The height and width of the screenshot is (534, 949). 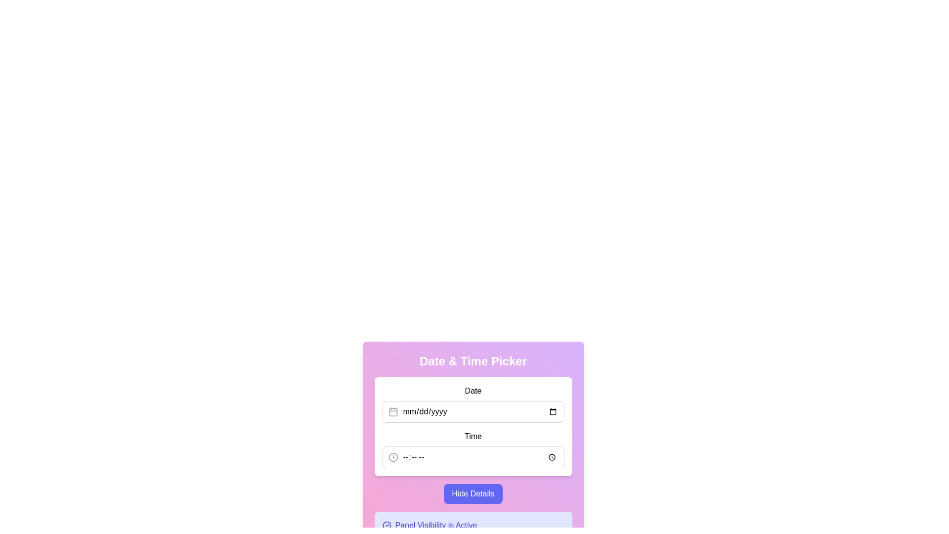 What do you see at coordinates (386, 525) in the screenshot?
I see `the confirmation icon that indicates a success state, which is positioned to the left of the label text 'Panel Visibility is Active'` at bounding box center [386, 525].